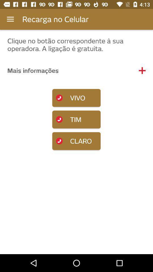 This screenshot has width=153, height=272. What do you see at coordinates (10, 19) in the screenshot?
I see `item at the top left corner` at bounding box center [10, 19].